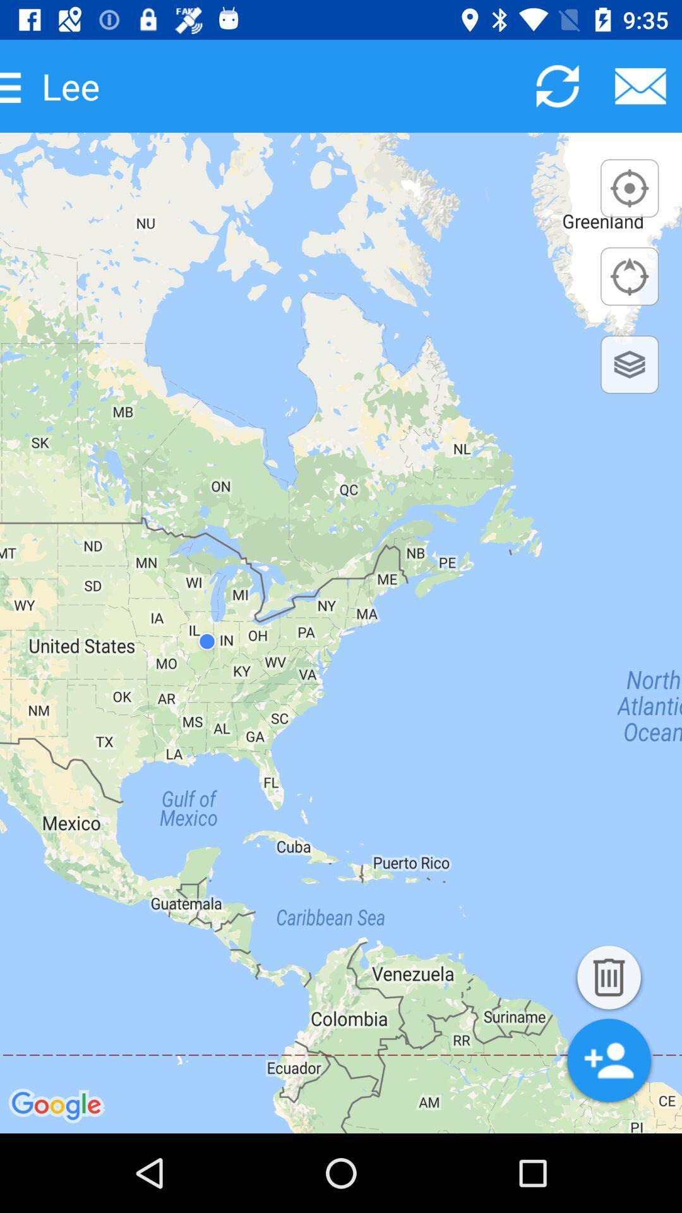  I want to click on send e-mail, so click(640, 85).